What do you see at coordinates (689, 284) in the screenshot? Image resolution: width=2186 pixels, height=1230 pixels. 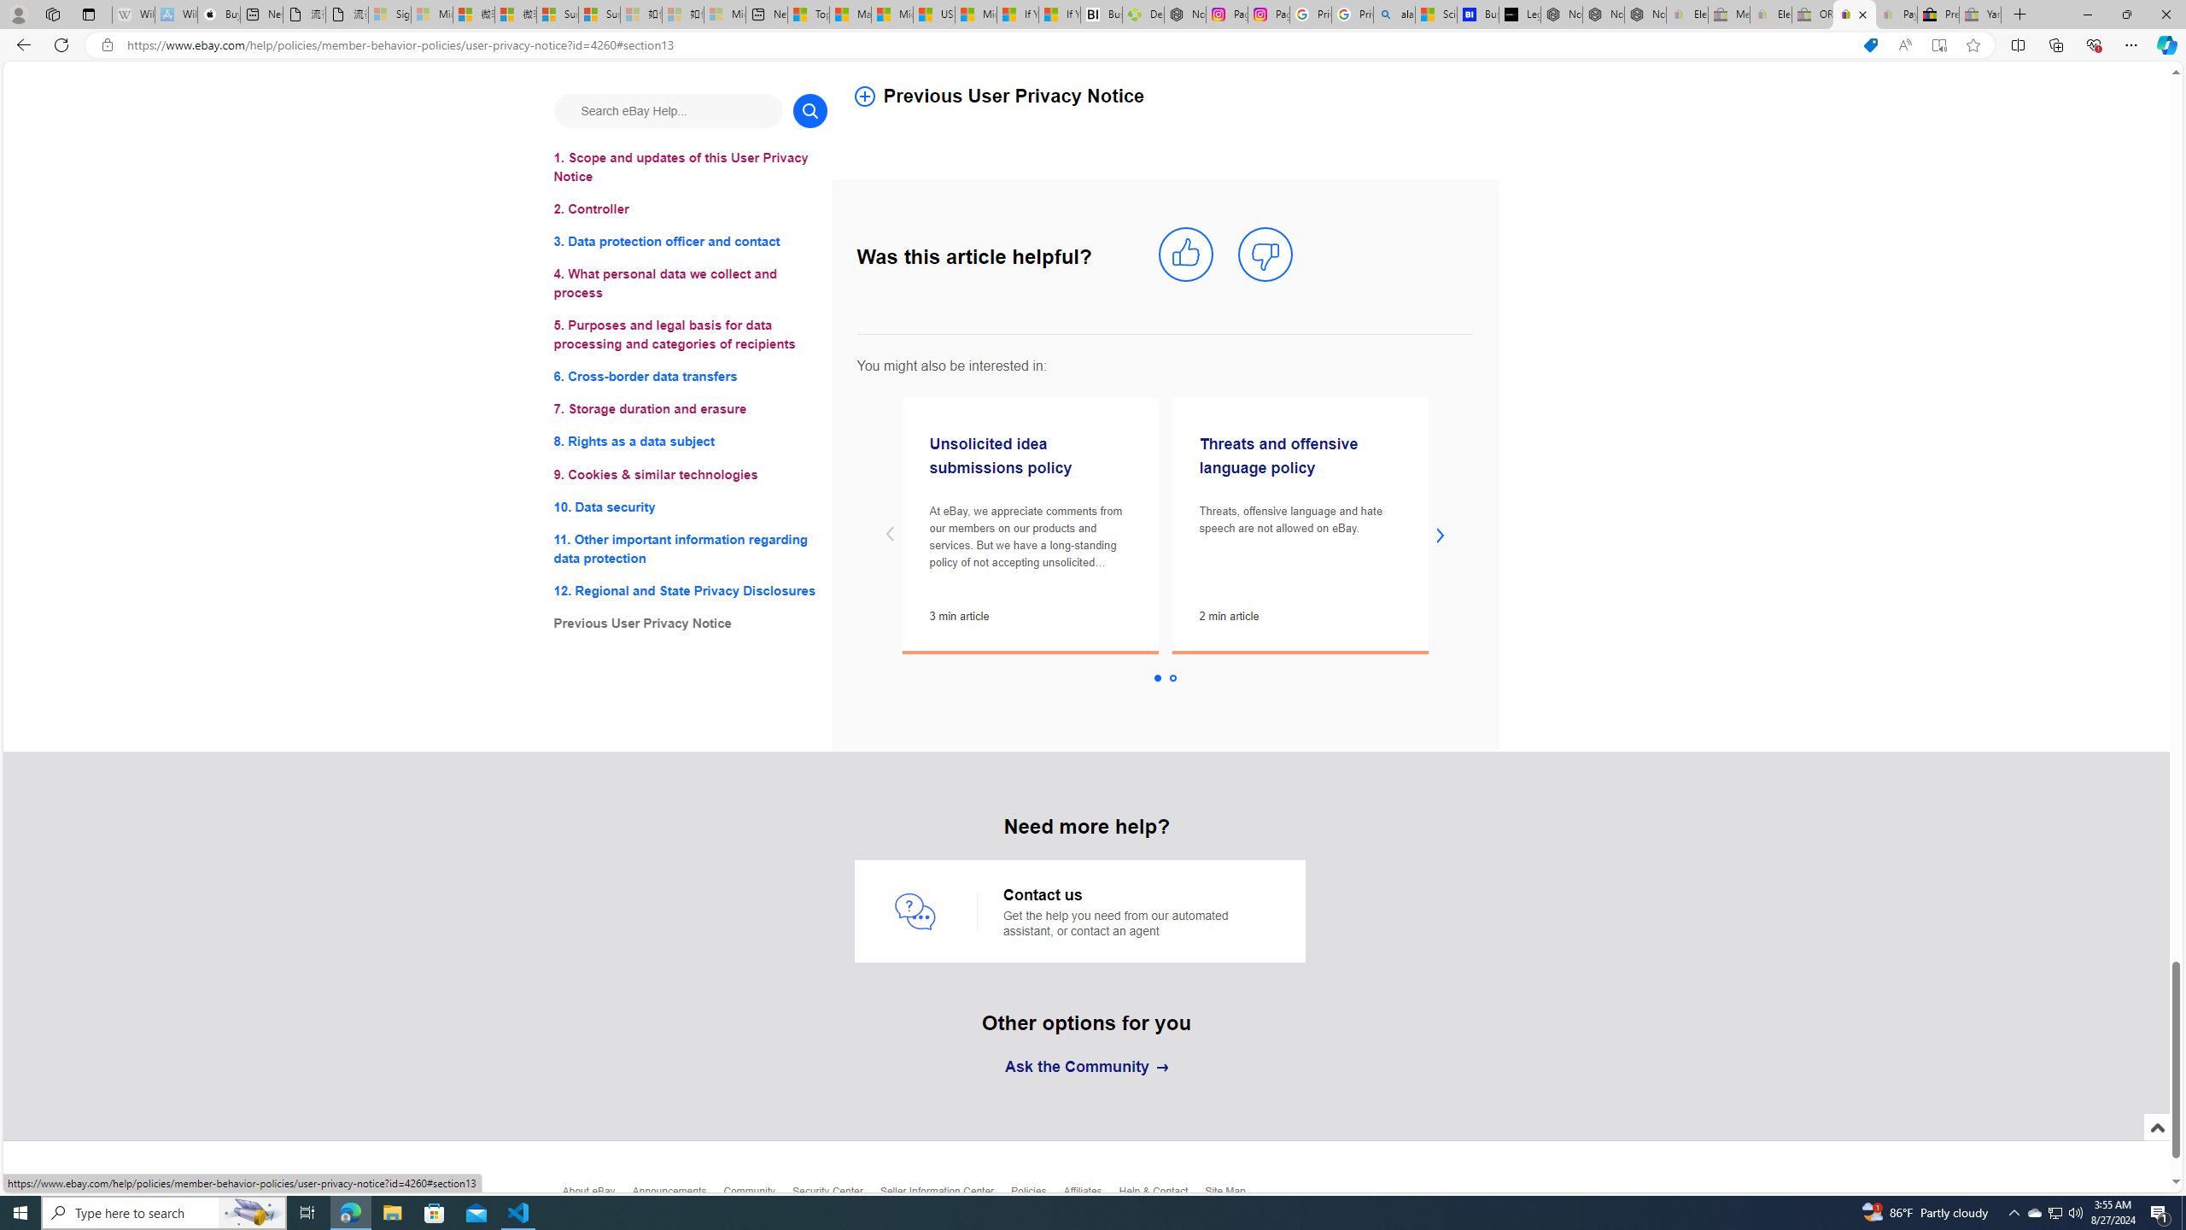 I see `'4. What personal data we collect and process'` at bounding box center [689, 284].